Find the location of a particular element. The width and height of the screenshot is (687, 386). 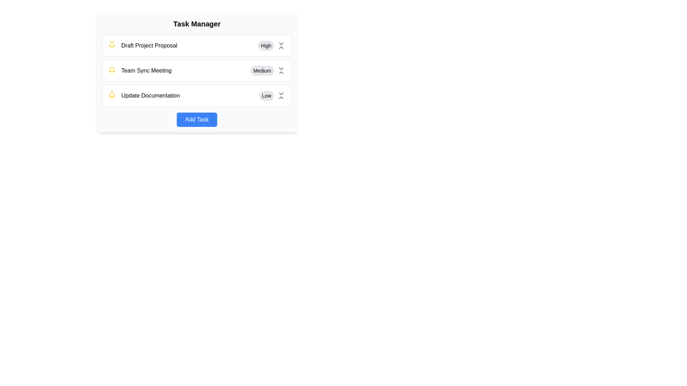

the status label that indicates the priority of the task, located to the right of 'Draft Project Proposal' and before the button with interactive arrows is located at coordinates (265, 45).